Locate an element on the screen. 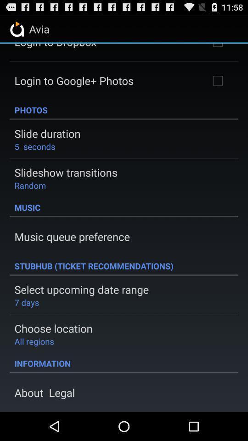  item above choose location item is located at coordinates (27, 302).